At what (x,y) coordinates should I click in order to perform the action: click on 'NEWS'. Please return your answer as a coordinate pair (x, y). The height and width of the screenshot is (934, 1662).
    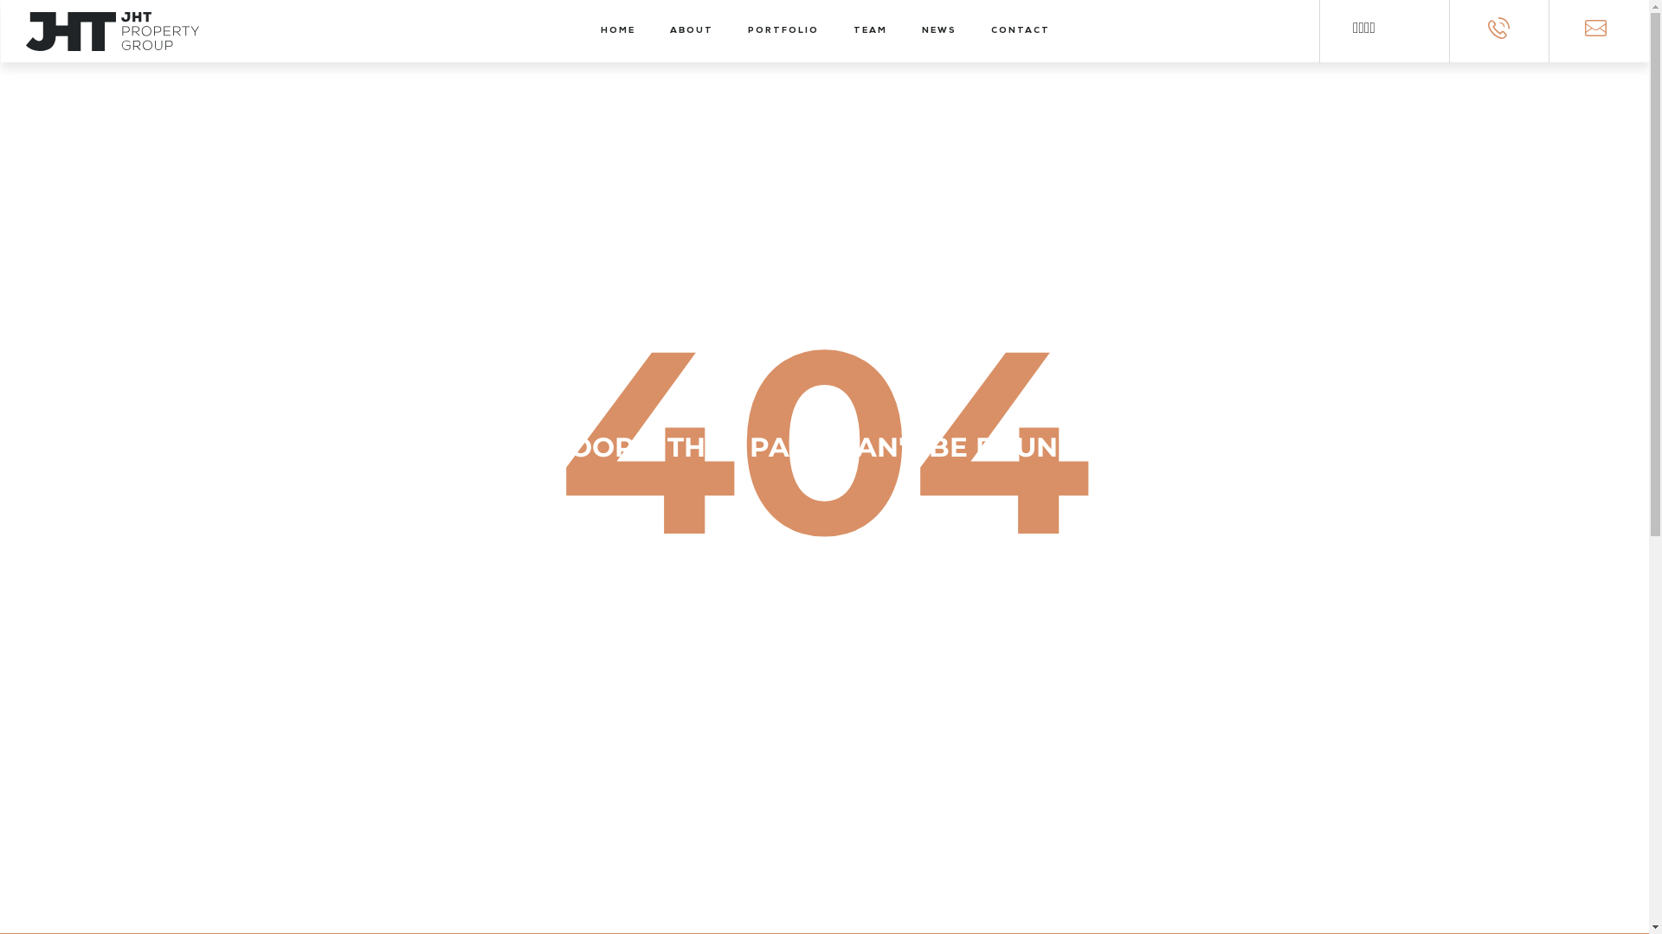
    Looking at the image, I should click on (937, 30).